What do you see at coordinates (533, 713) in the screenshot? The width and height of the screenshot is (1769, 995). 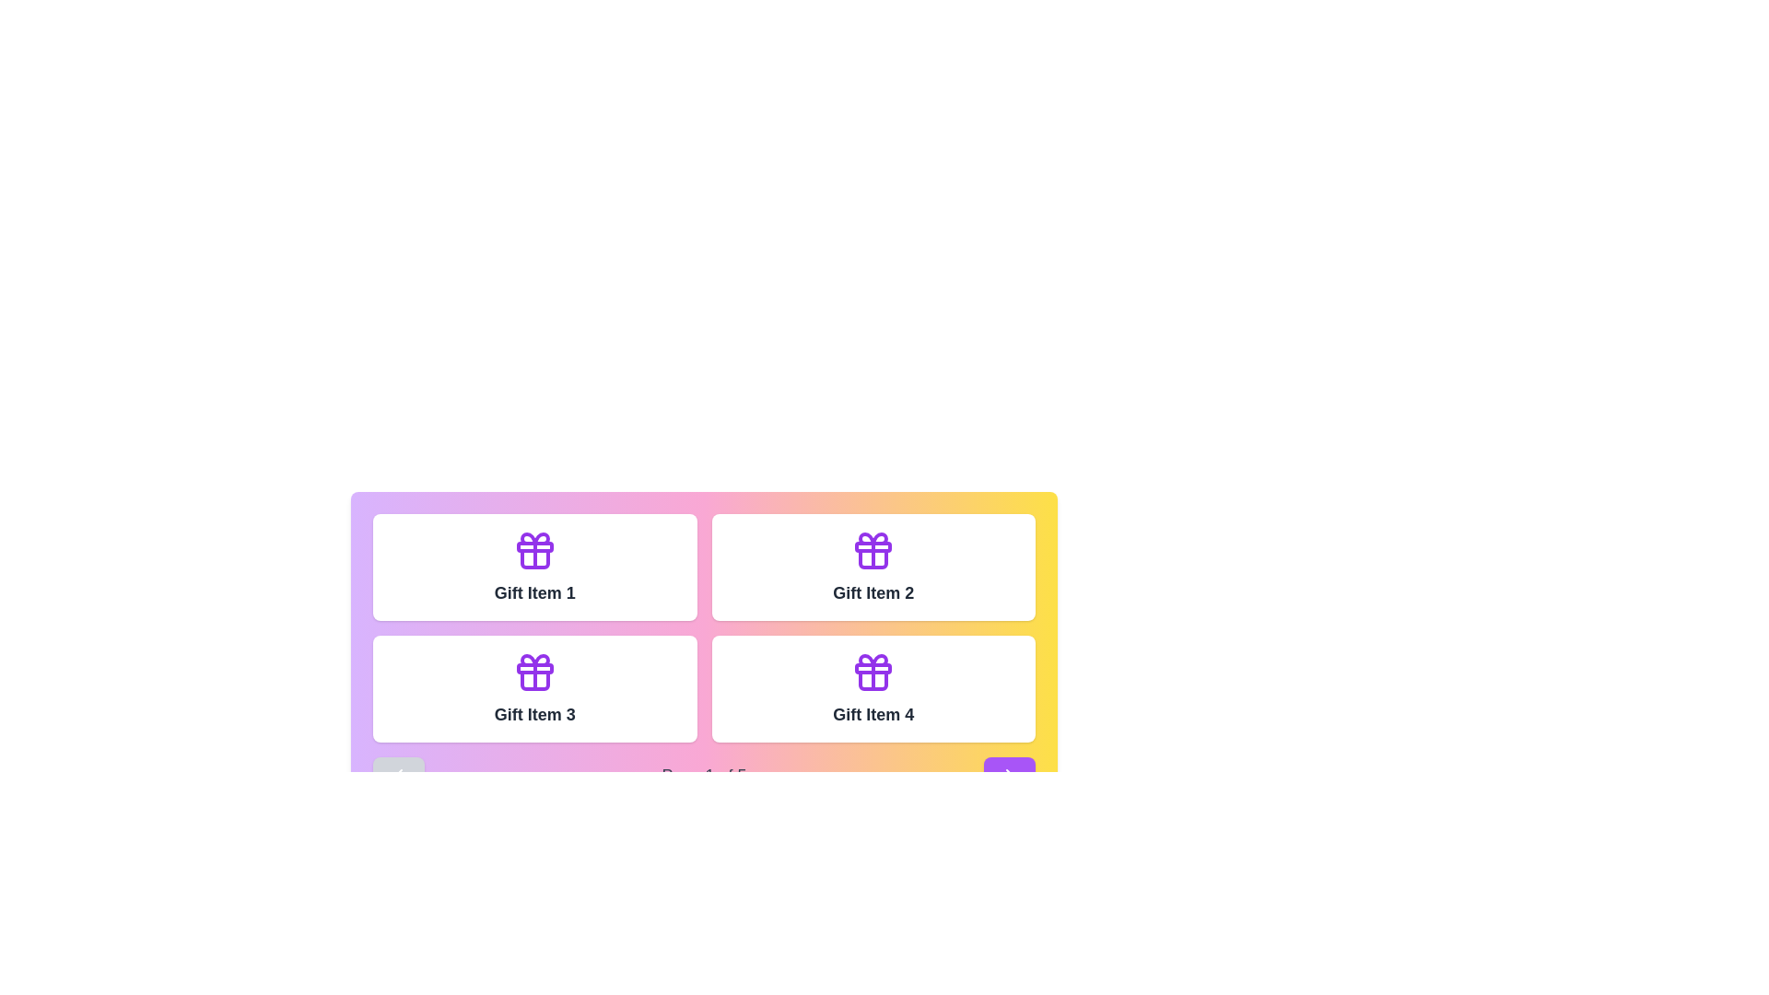 I see `text label displaying 'Gift Item 3', which is located at the bottom-left of the grid layout, under the second row and first column of items, below the gift icon` at bounding box center [533, 713].